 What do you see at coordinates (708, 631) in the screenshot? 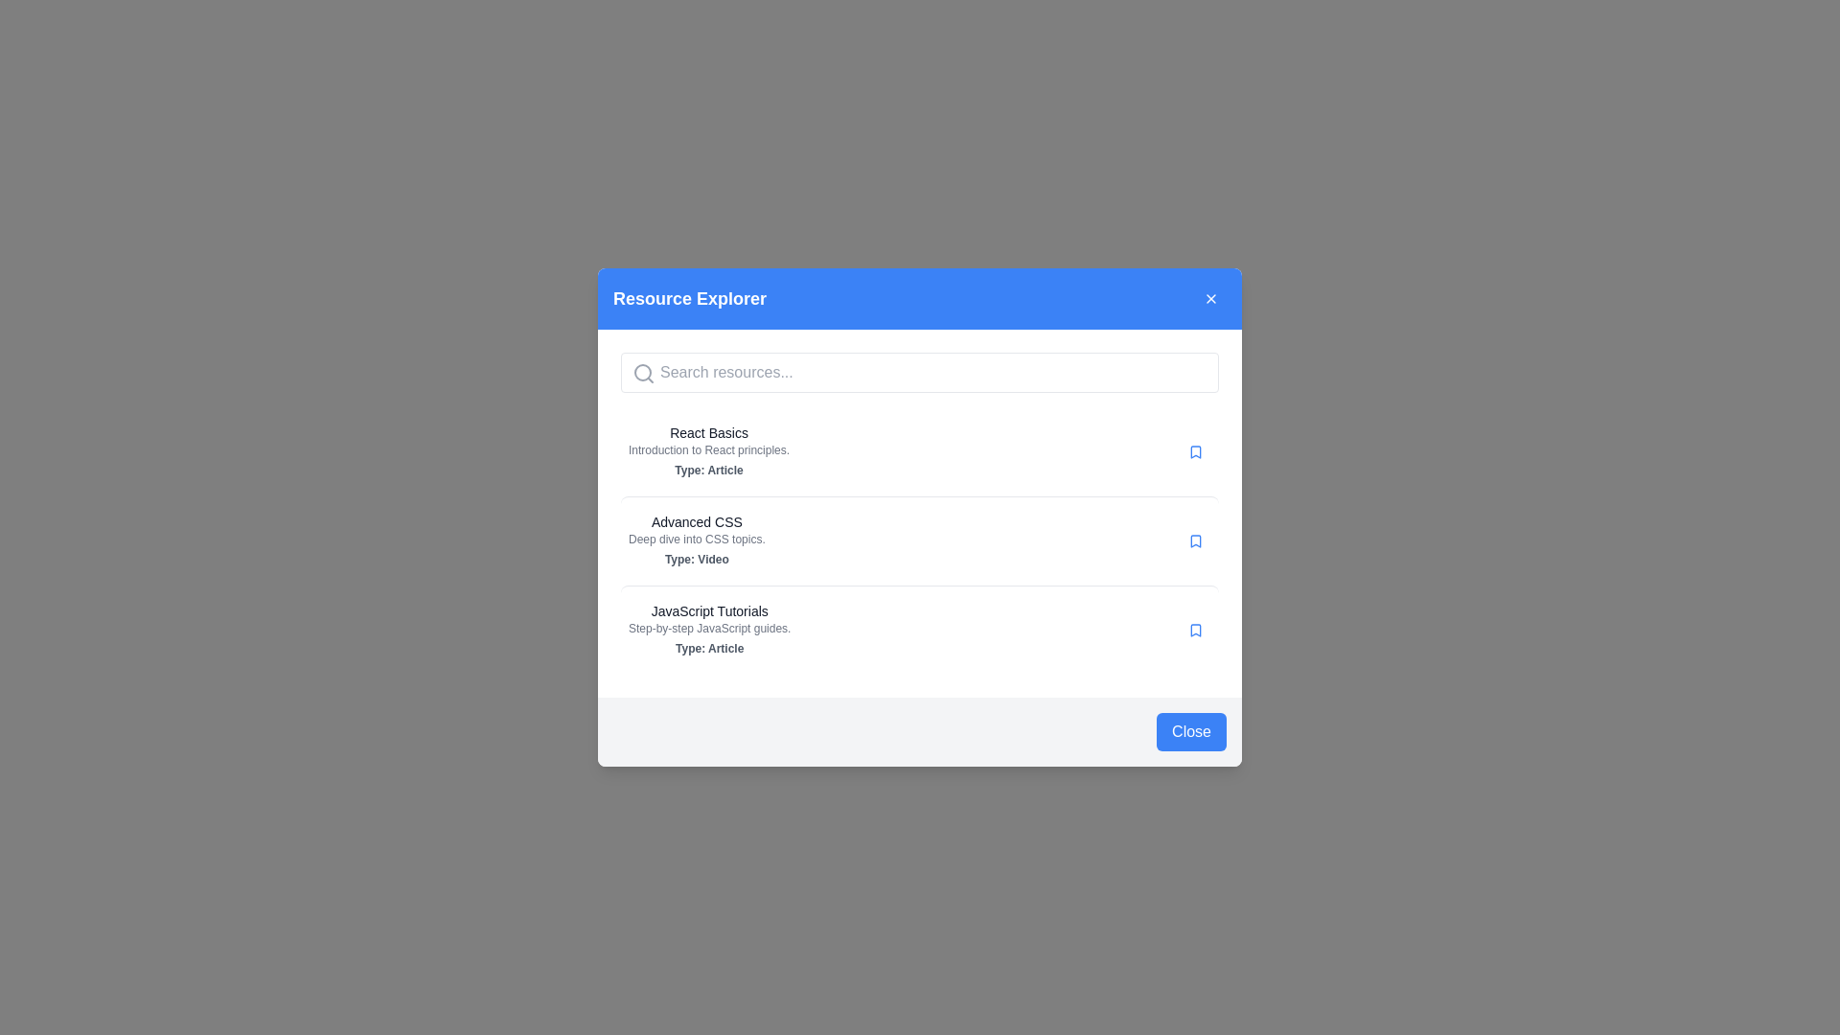
I see `the 'JavaScript Tutorials' text block, which is the third entry in the 'Resource Explorer' popup` at bounding box center [708, 631].